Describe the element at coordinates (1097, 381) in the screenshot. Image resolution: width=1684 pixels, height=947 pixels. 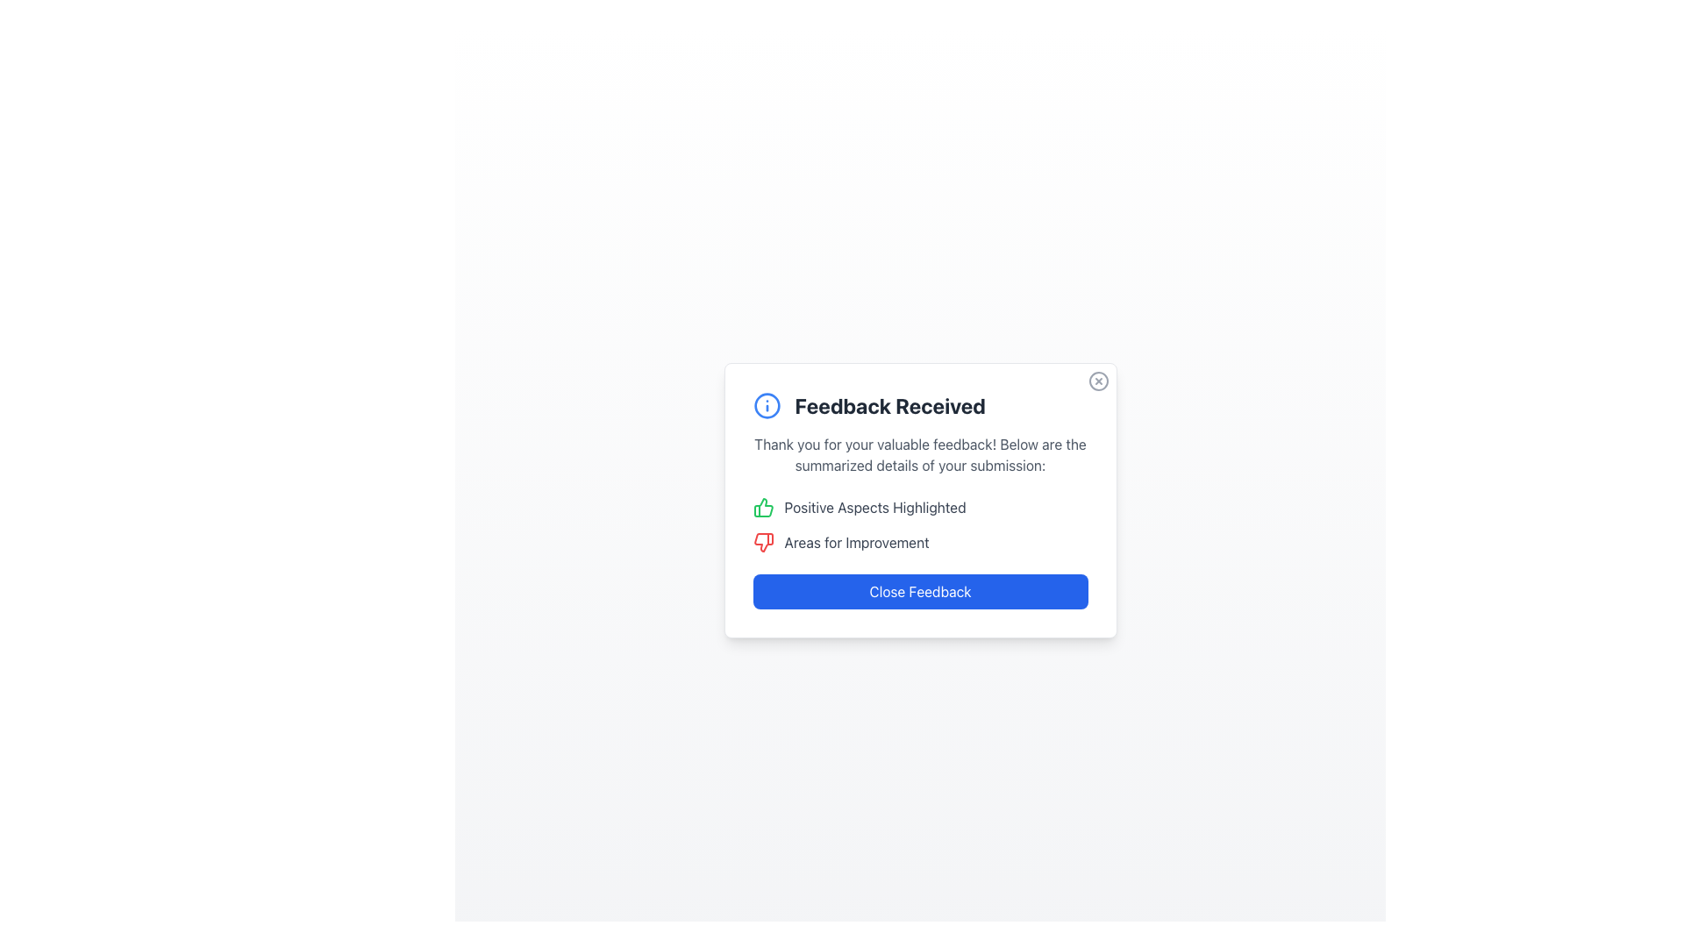
I see `the close button located` at that location.